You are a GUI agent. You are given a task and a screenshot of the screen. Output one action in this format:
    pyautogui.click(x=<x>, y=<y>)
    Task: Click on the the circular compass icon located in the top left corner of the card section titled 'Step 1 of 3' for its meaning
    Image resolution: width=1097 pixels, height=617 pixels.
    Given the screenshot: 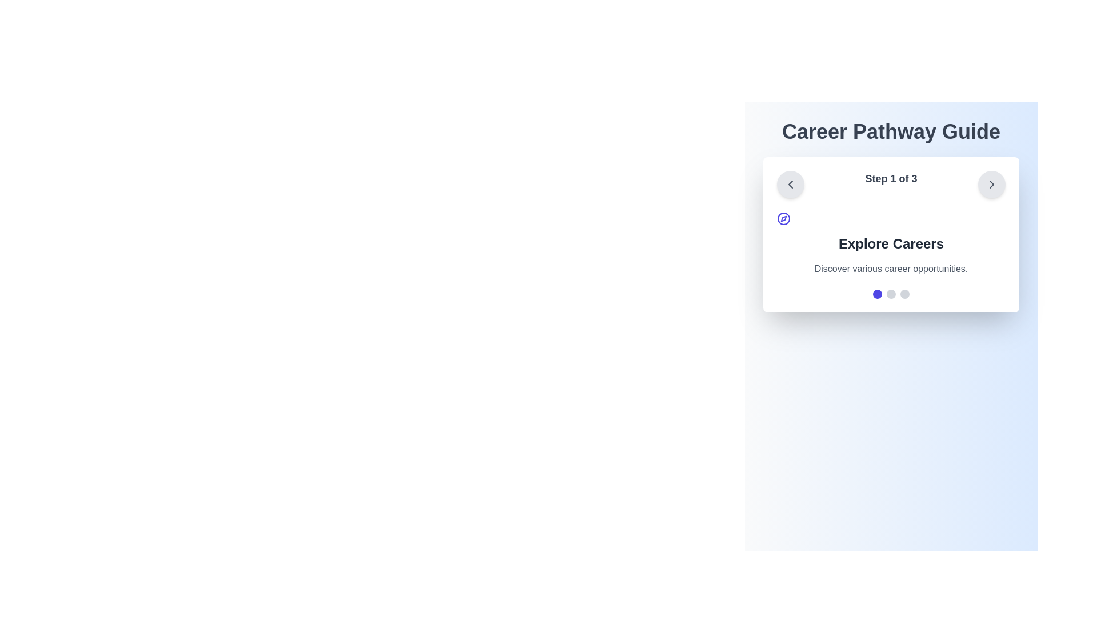 What is the action you would take?
    pyautogui.click(x=783, y=218)
    